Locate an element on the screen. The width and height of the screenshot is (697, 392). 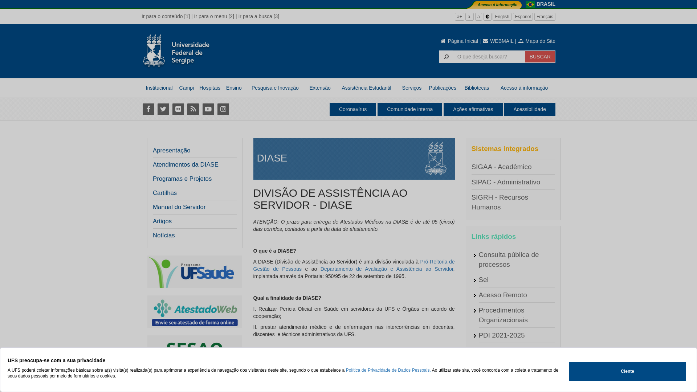
'Facebook' is located at coordinates (148, 109).